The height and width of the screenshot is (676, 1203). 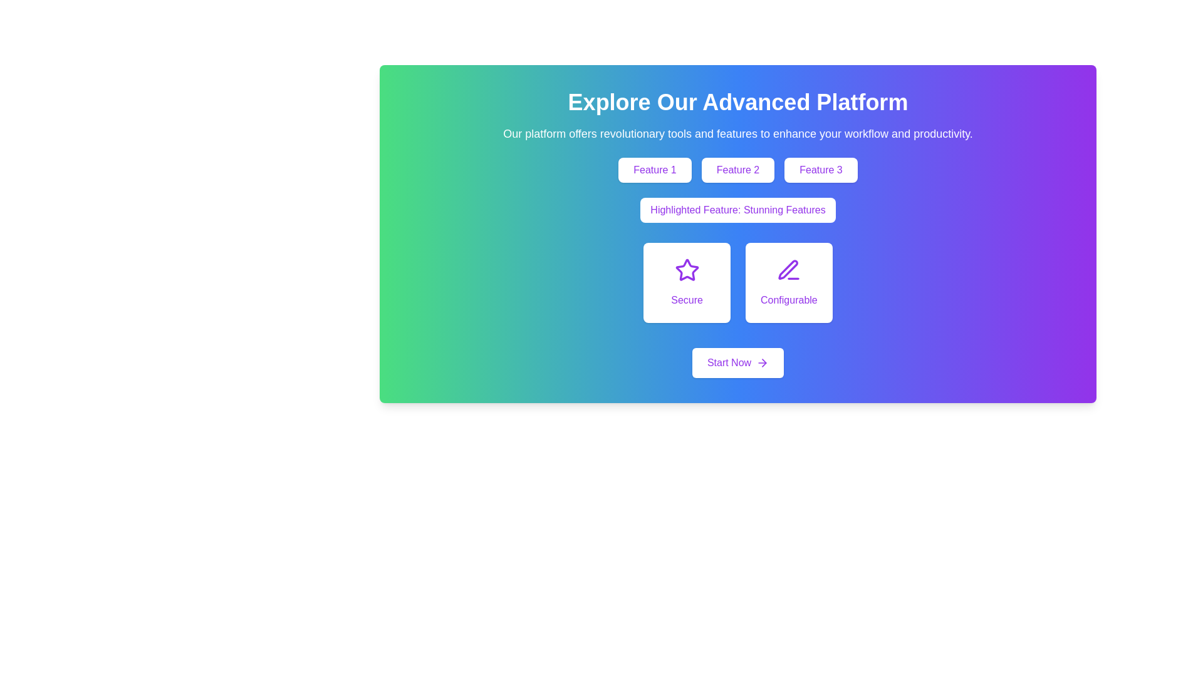 What do you see at coordinates (788, 282) in the screenshot?
I see `the informational button in the bottom right section of the grid layout under 'Explore Our Advanced Platform'` at bounding box center [788, 282].